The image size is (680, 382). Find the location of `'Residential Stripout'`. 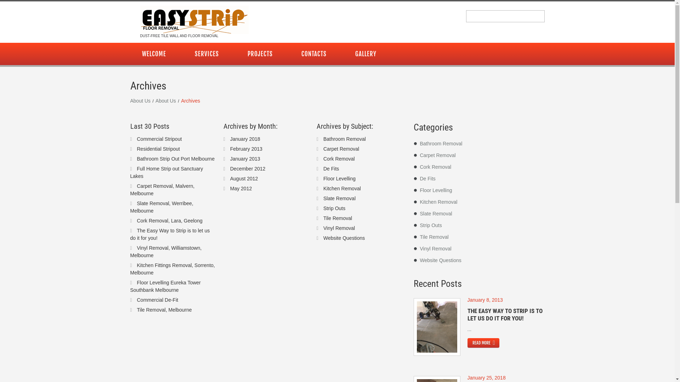

'Residential Stripout' is located at coordinates (158, 148).